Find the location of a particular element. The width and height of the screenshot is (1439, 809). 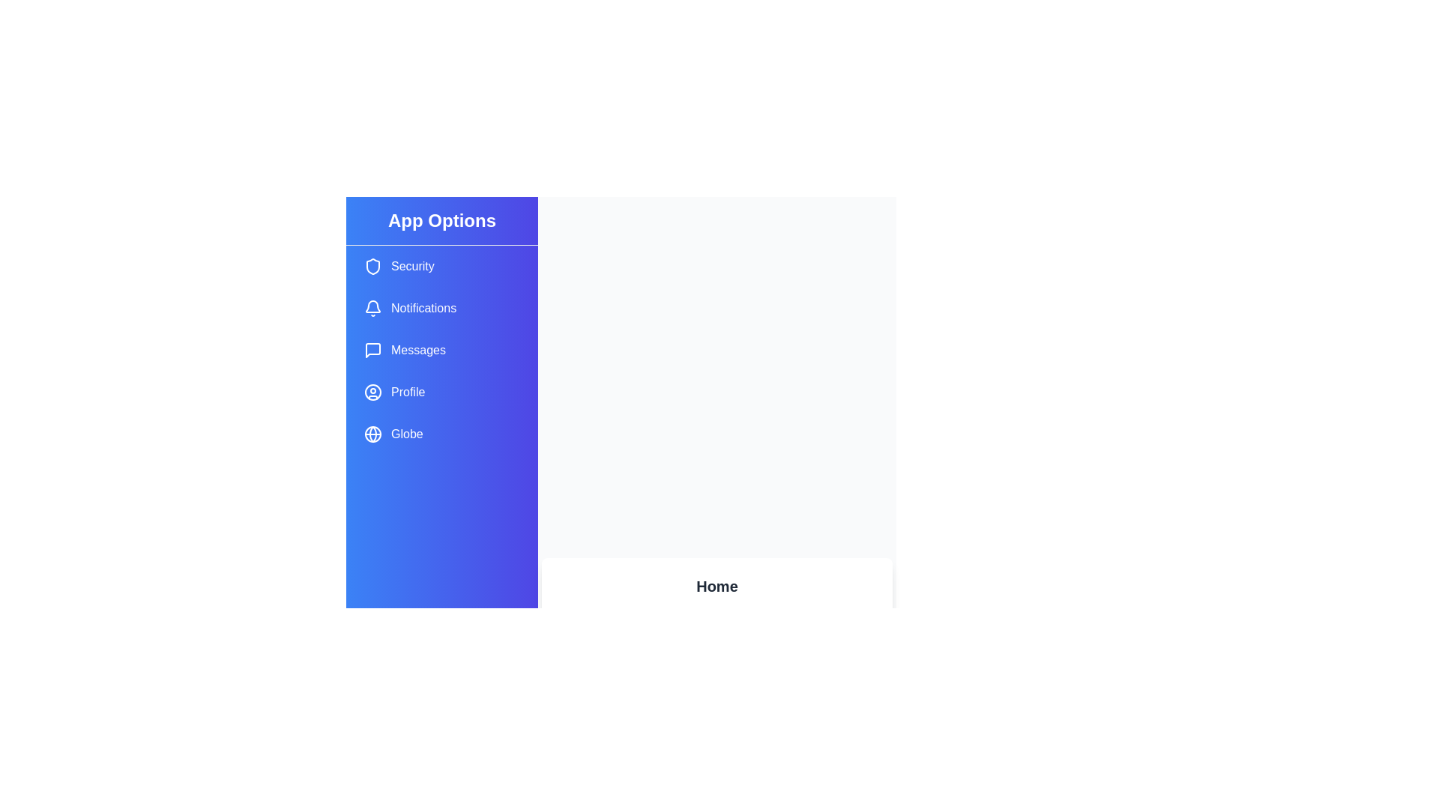

the sidebar's header text labeled 'App Options' is located at coordinates (441, 221).